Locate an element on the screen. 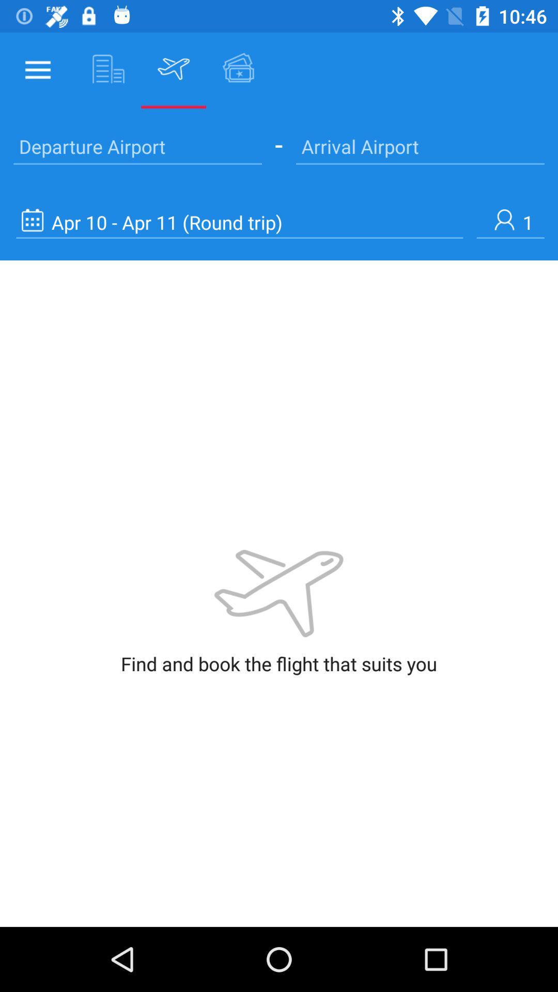 This screenshot has height=992, width=558. the text field arrival airport on the web page is located at coordinates (420, 146).